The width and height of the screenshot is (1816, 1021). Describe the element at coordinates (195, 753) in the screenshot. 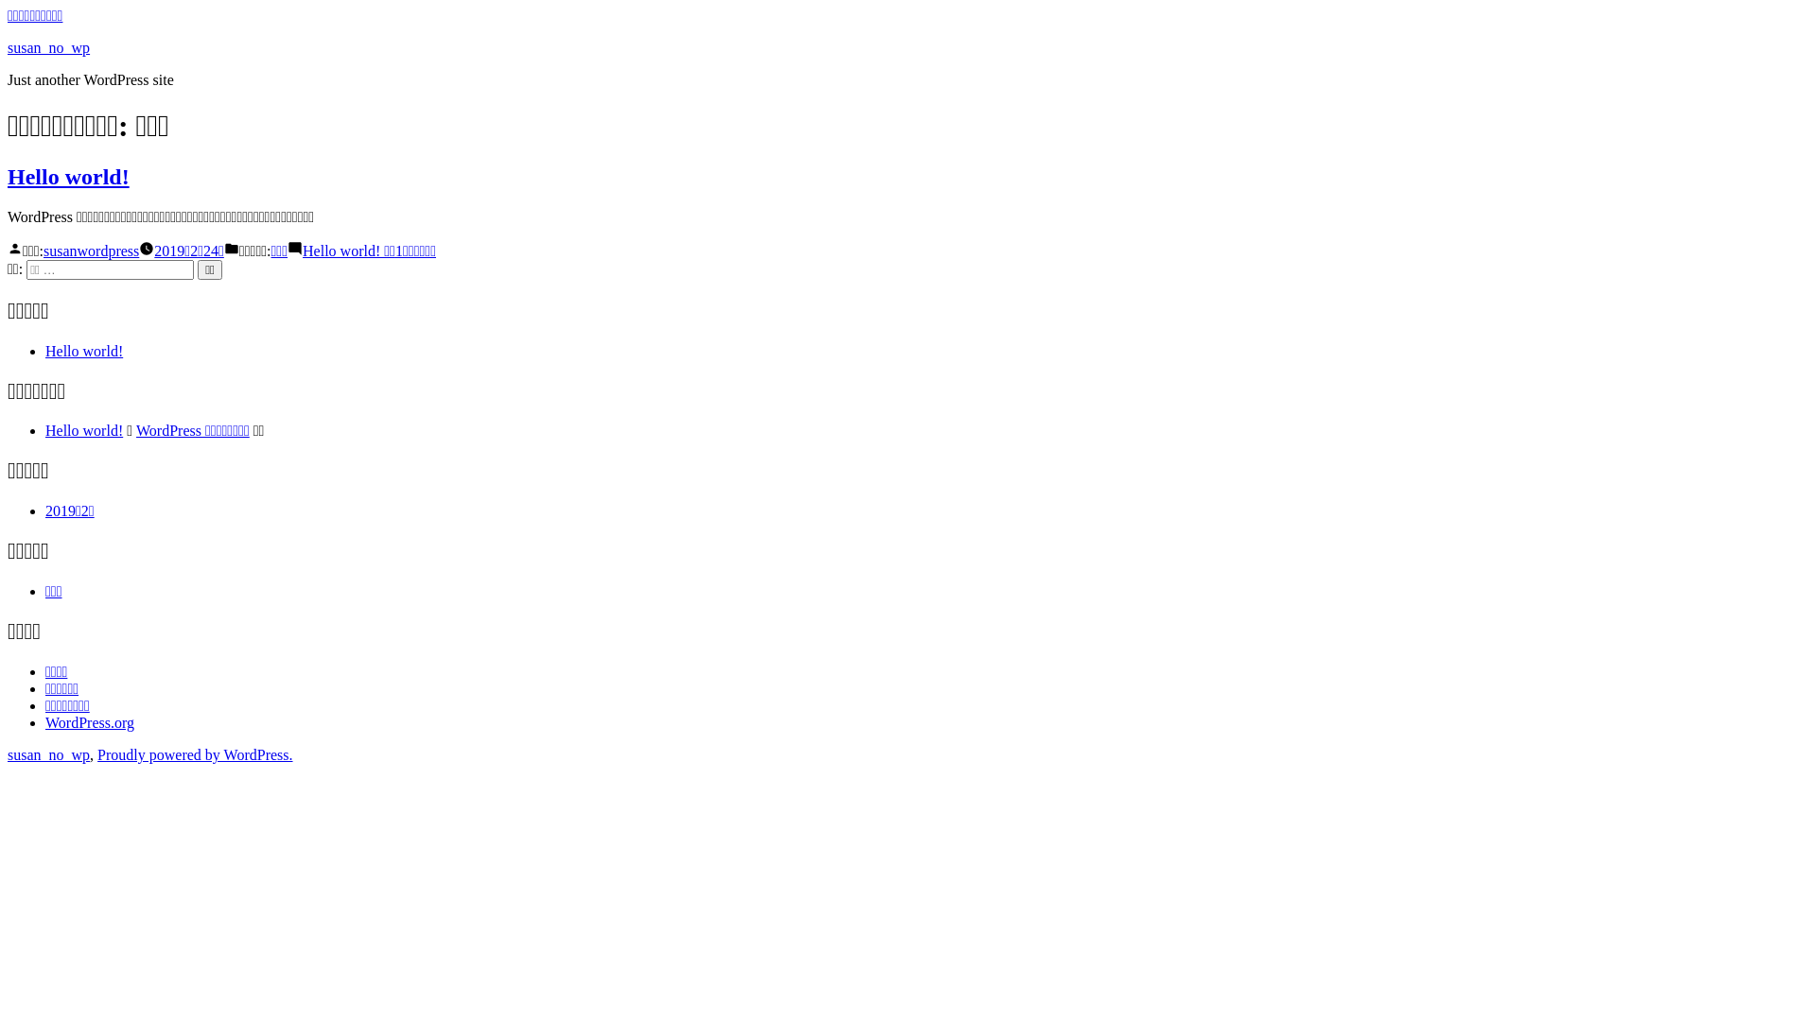

I see `'Proudly powered by WordPress.'` at that location.